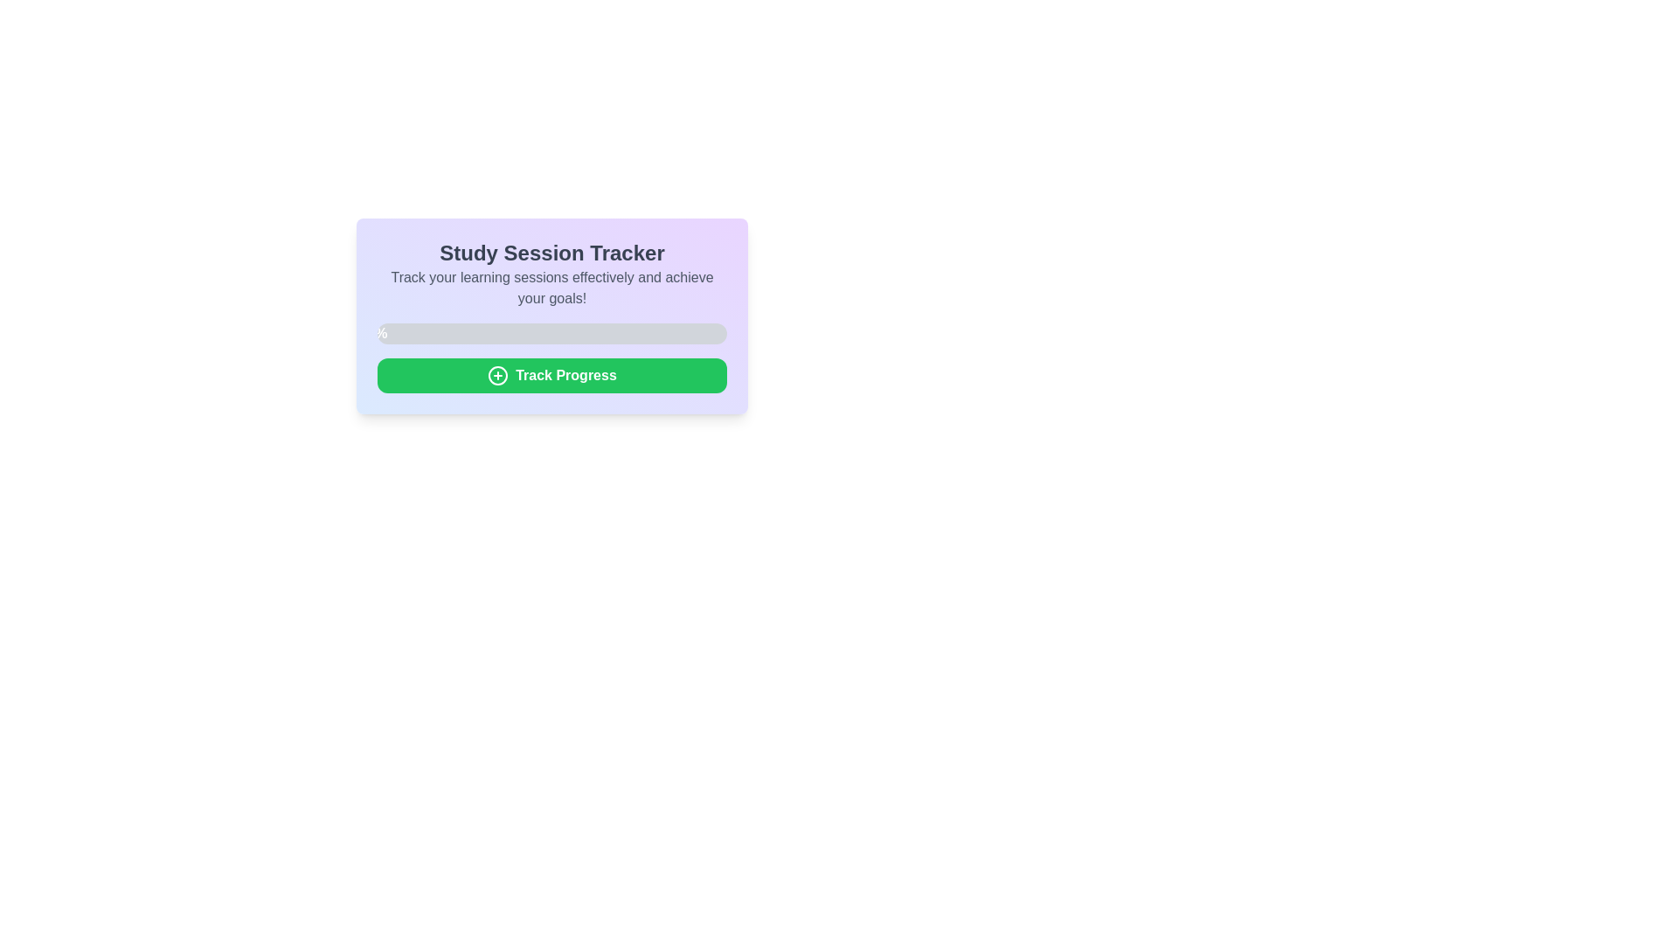  Describe the element at coordinates (551, 274) in the screenshot. I see `the text block containing the heading 'Study Session Tracker' and the subtitle 'Track your learning sessions effectively and achieve your goals!'` at that location.